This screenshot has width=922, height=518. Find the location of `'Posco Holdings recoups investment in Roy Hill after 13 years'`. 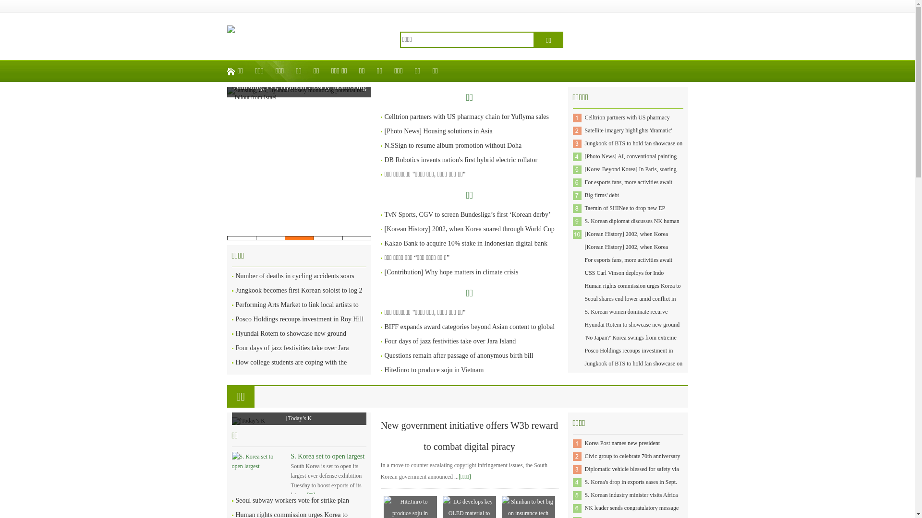

'Posco Holdings recoups investment in Roy Hill after 13 years' is located at coordinates (299, 325).